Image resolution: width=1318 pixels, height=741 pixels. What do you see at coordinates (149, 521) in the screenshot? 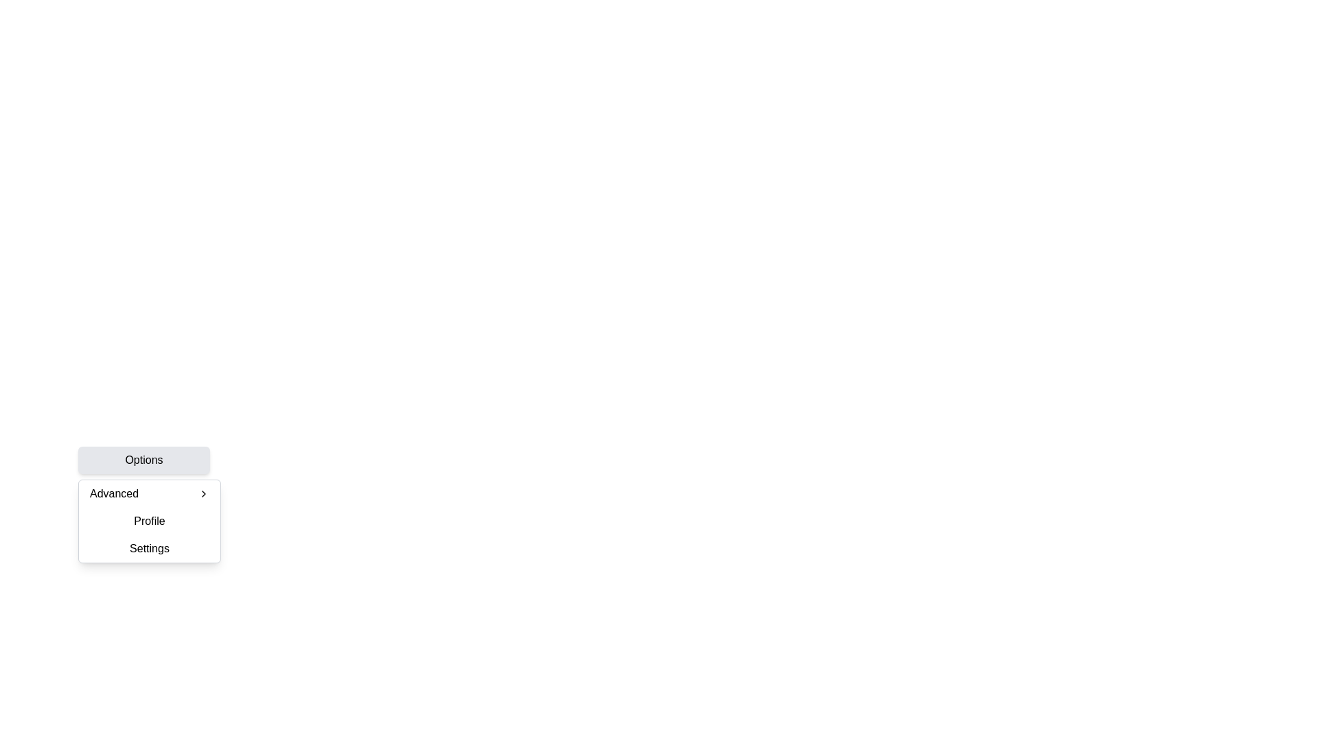
I see `the 'Profile' text label in the dropdown menu to trigger the background color change effect` at bounding box center [149, 521].